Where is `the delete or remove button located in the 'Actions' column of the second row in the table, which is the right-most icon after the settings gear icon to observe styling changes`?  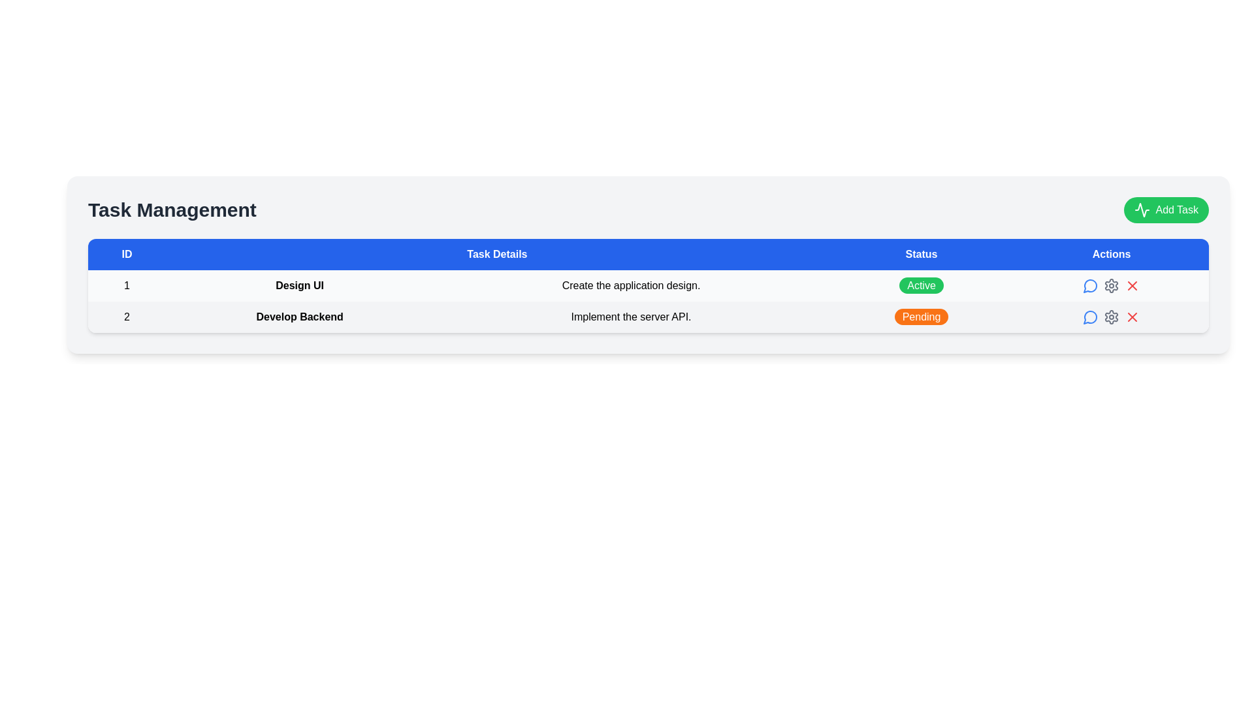
the delete or remove button located in the 'Actions' column of the second row in the table, which is the right-most icon after the settings gear icon to observe styling changes is located at coordinates (1132, 285).